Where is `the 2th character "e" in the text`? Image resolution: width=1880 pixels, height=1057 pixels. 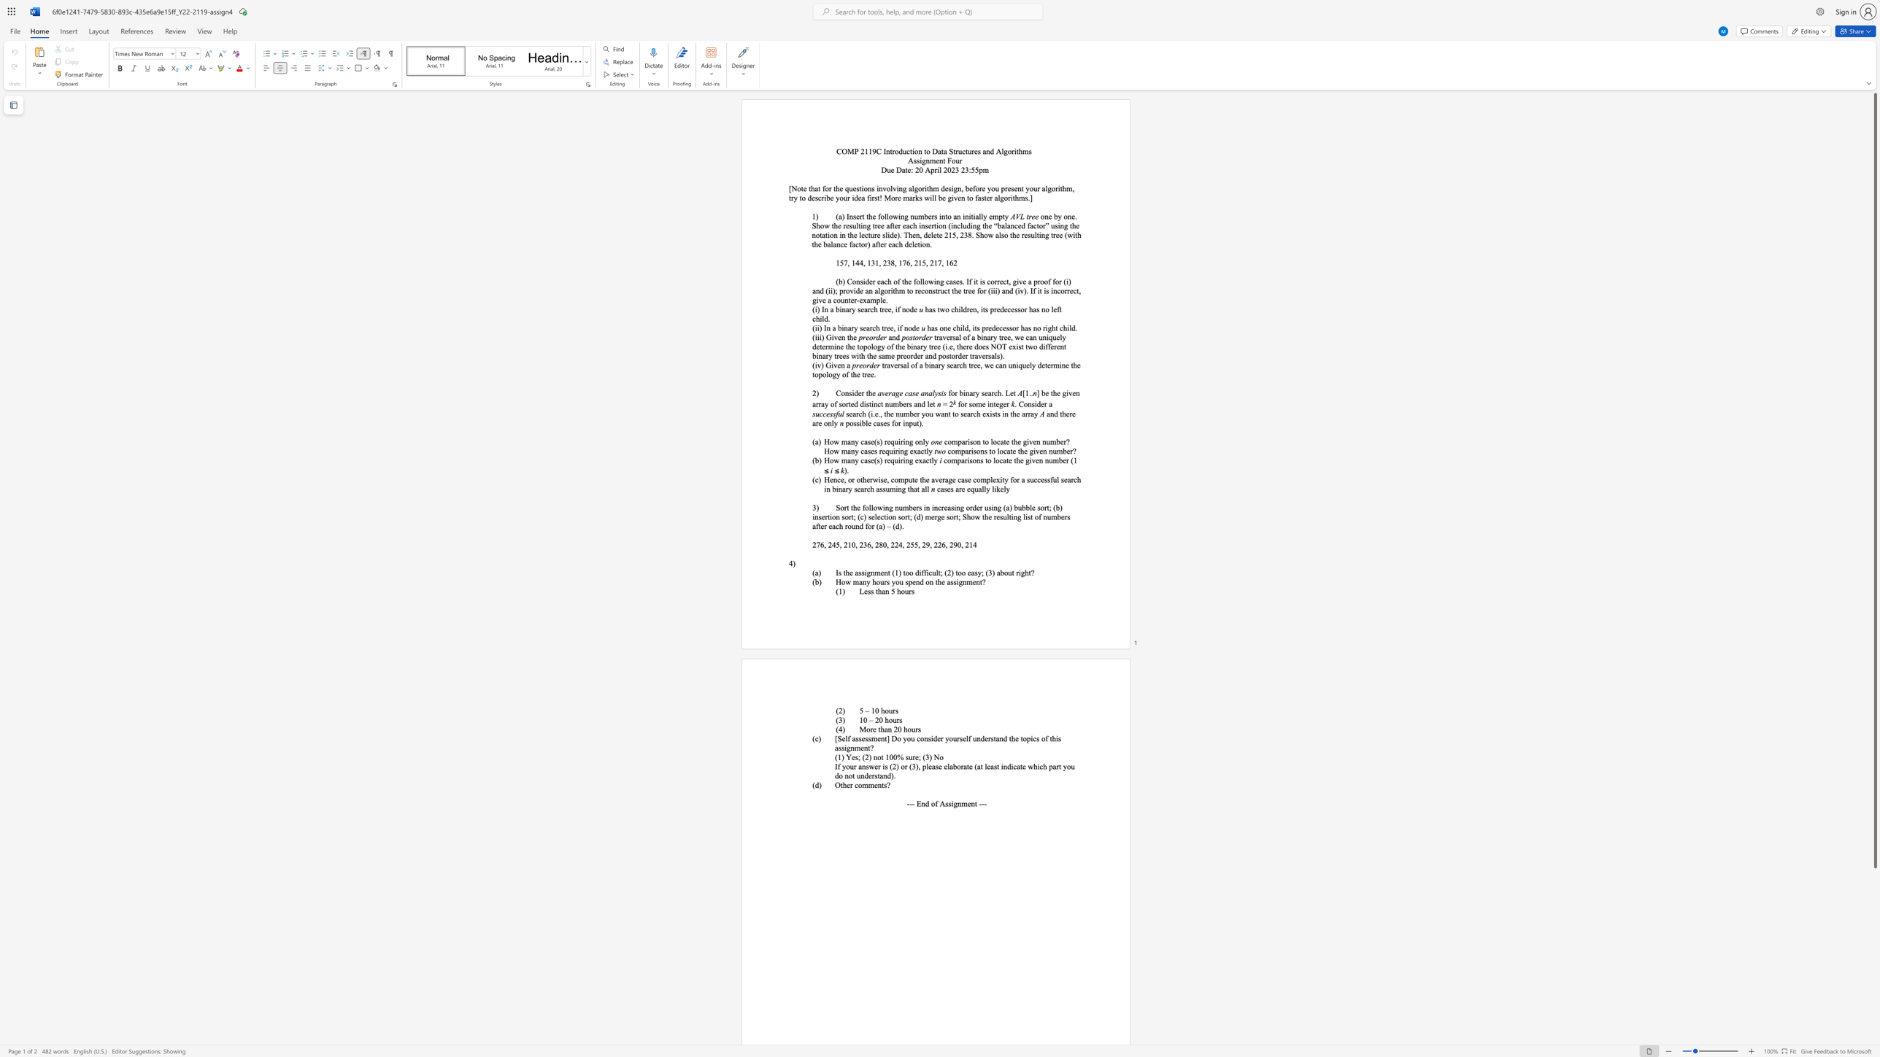 the 2th character "e" in the text is located at coordinates (909, 169).